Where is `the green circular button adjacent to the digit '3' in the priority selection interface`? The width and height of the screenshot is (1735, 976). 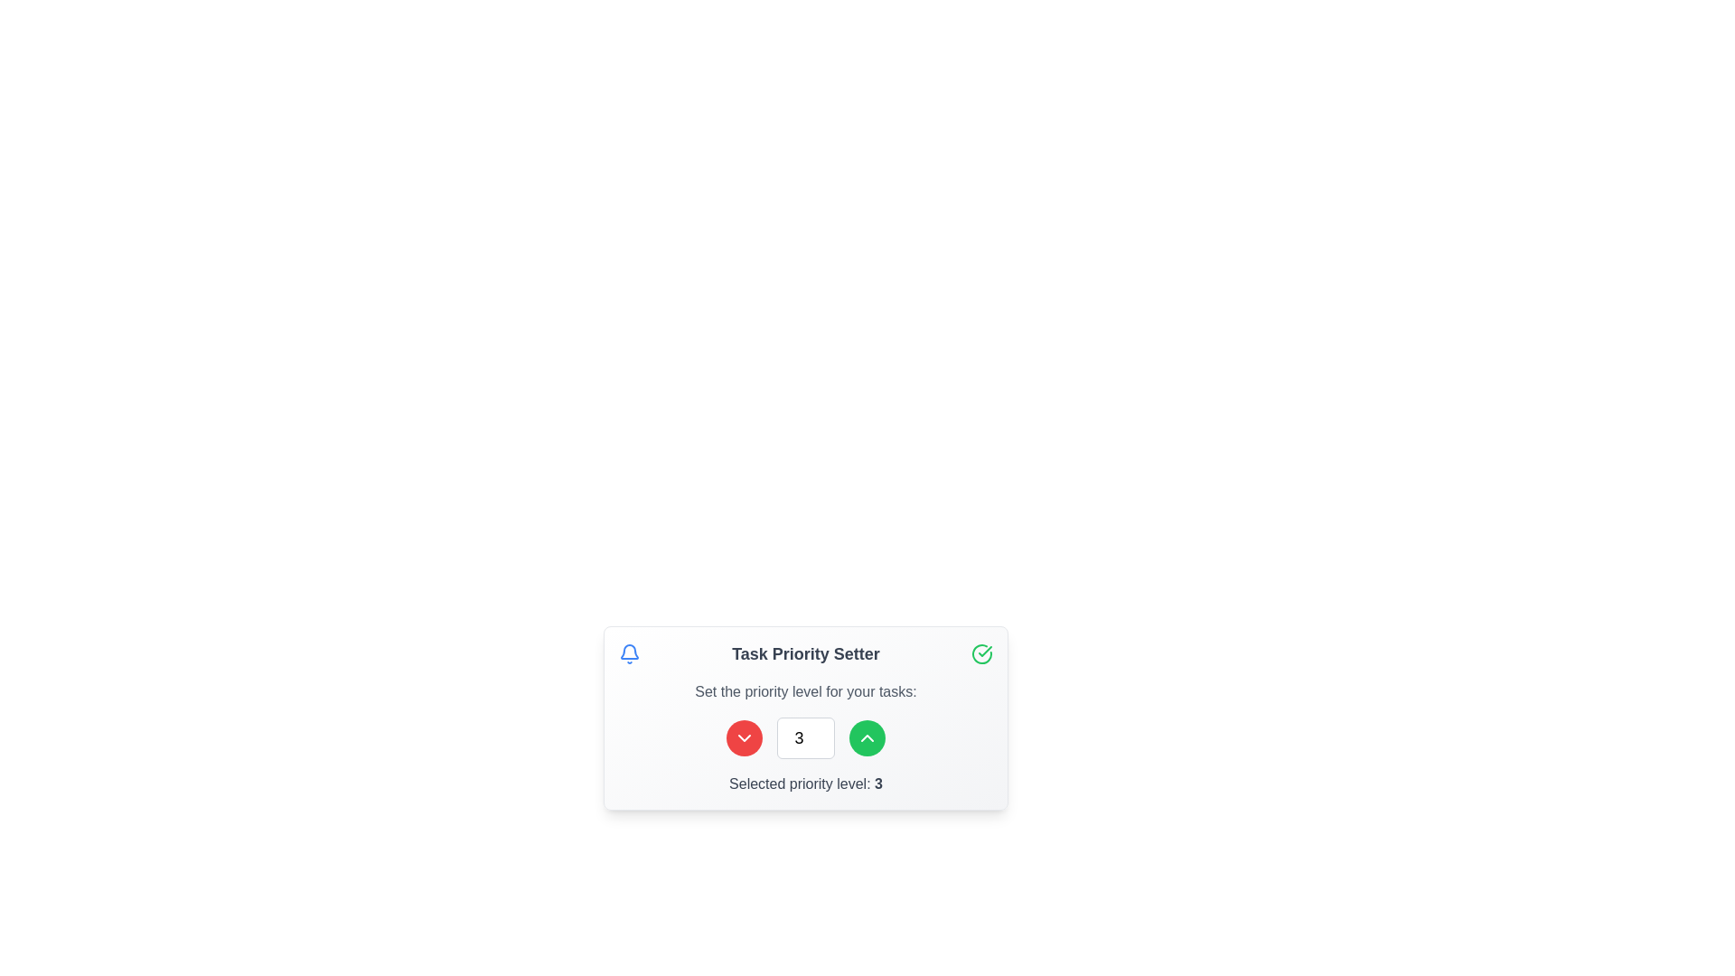
the green circular button adjacent to the digit '3' in the priority selection interface is located at coordinates (867, 738).